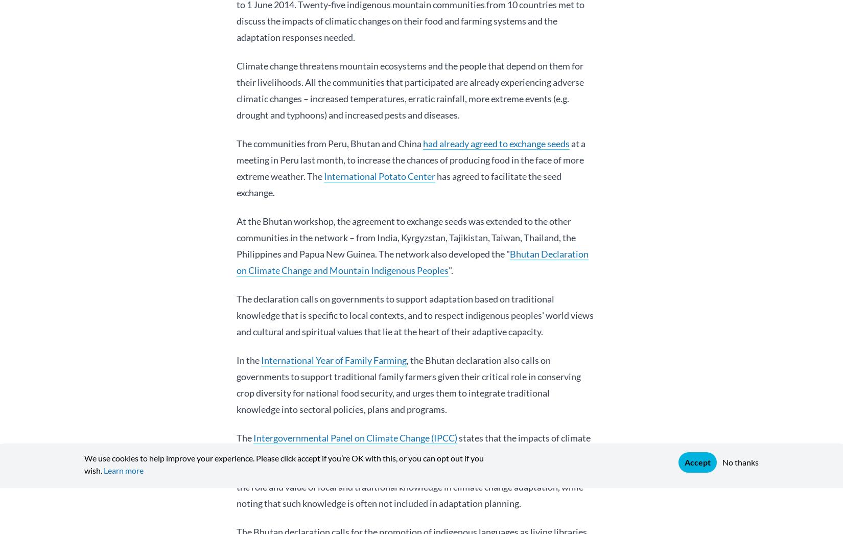 The image size is (843, 534). Describe the element at coordinates (451, 270) in the screenshot. I see `'".'` at that location.